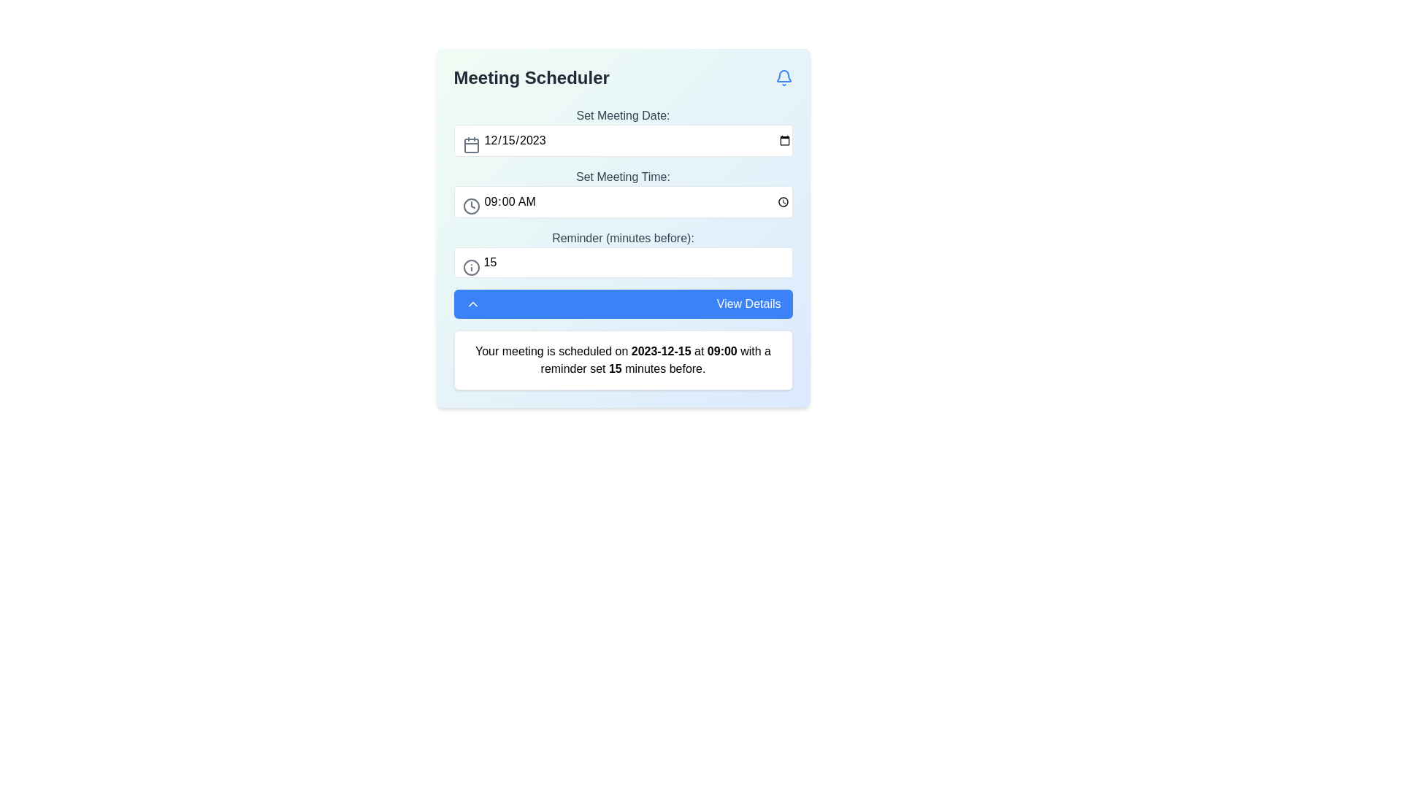 Image resolution: width=1402 pixels, height=788 pixels. I want to click on the decorative clock icon located to the left of the text input field for setting the meeting time in the 'Set Meeting Time' section, so click(471, 206).